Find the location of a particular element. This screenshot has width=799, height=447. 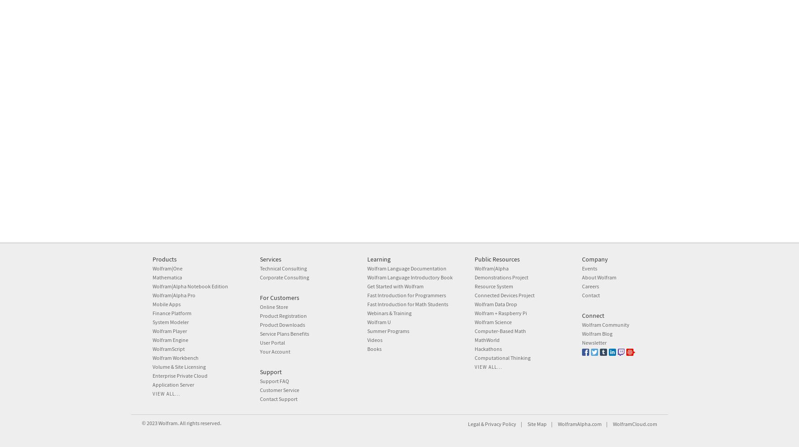

'Privacy Policy' is located at coordinates (500, 423).